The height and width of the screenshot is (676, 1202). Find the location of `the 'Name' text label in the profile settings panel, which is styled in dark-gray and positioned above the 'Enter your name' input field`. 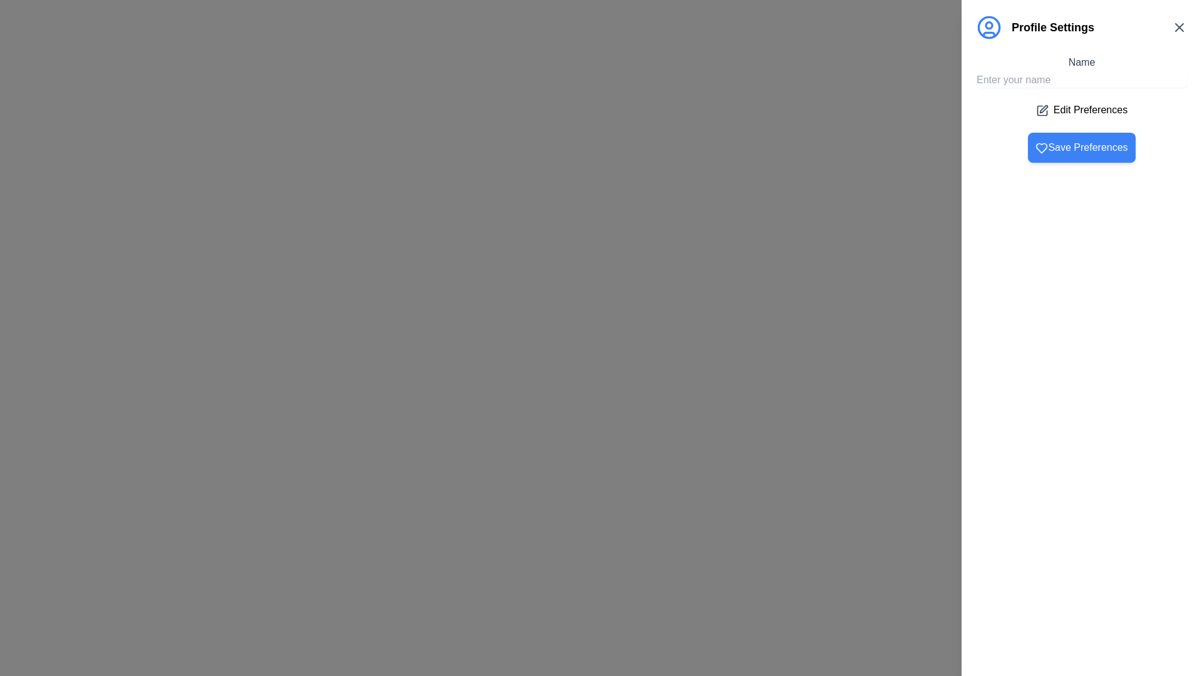

the 'Name' text label in the profile settings panel, which is styled in dark-gray and positioned above the 'Enter your name' input field is located at coordinates (1081, 62).